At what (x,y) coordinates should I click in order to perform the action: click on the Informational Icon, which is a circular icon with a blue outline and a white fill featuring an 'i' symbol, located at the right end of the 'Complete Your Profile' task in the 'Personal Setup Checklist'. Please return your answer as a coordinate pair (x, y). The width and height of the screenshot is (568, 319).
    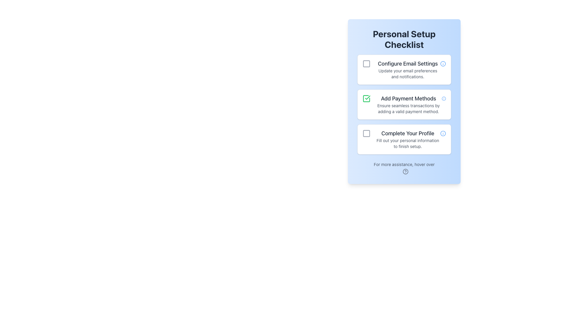
    Looking at the image, I should click on (443, 133).